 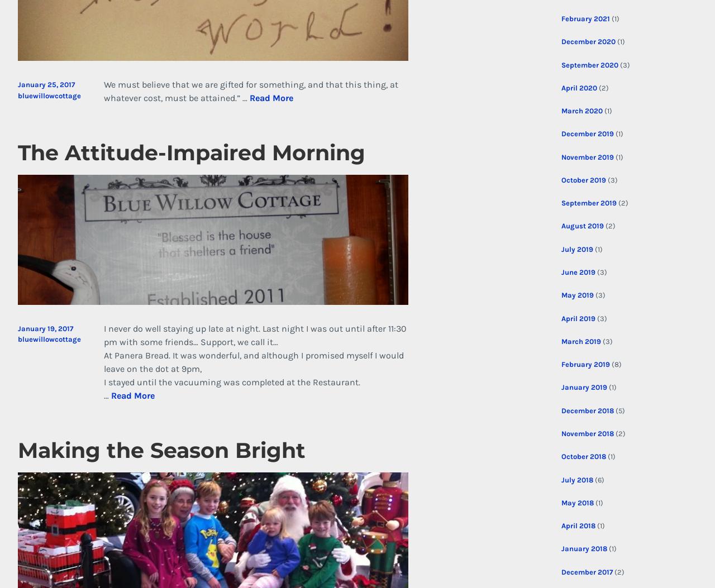 I want to click on 'December 2019', so click(x=587, y=133).